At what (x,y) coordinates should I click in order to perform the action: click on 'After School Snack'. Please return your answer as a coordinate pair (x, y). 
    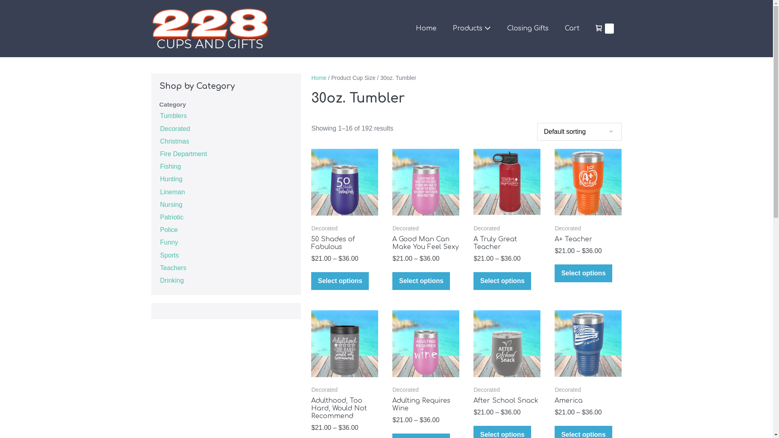
    Looking at the image, I should click on (506, 400).